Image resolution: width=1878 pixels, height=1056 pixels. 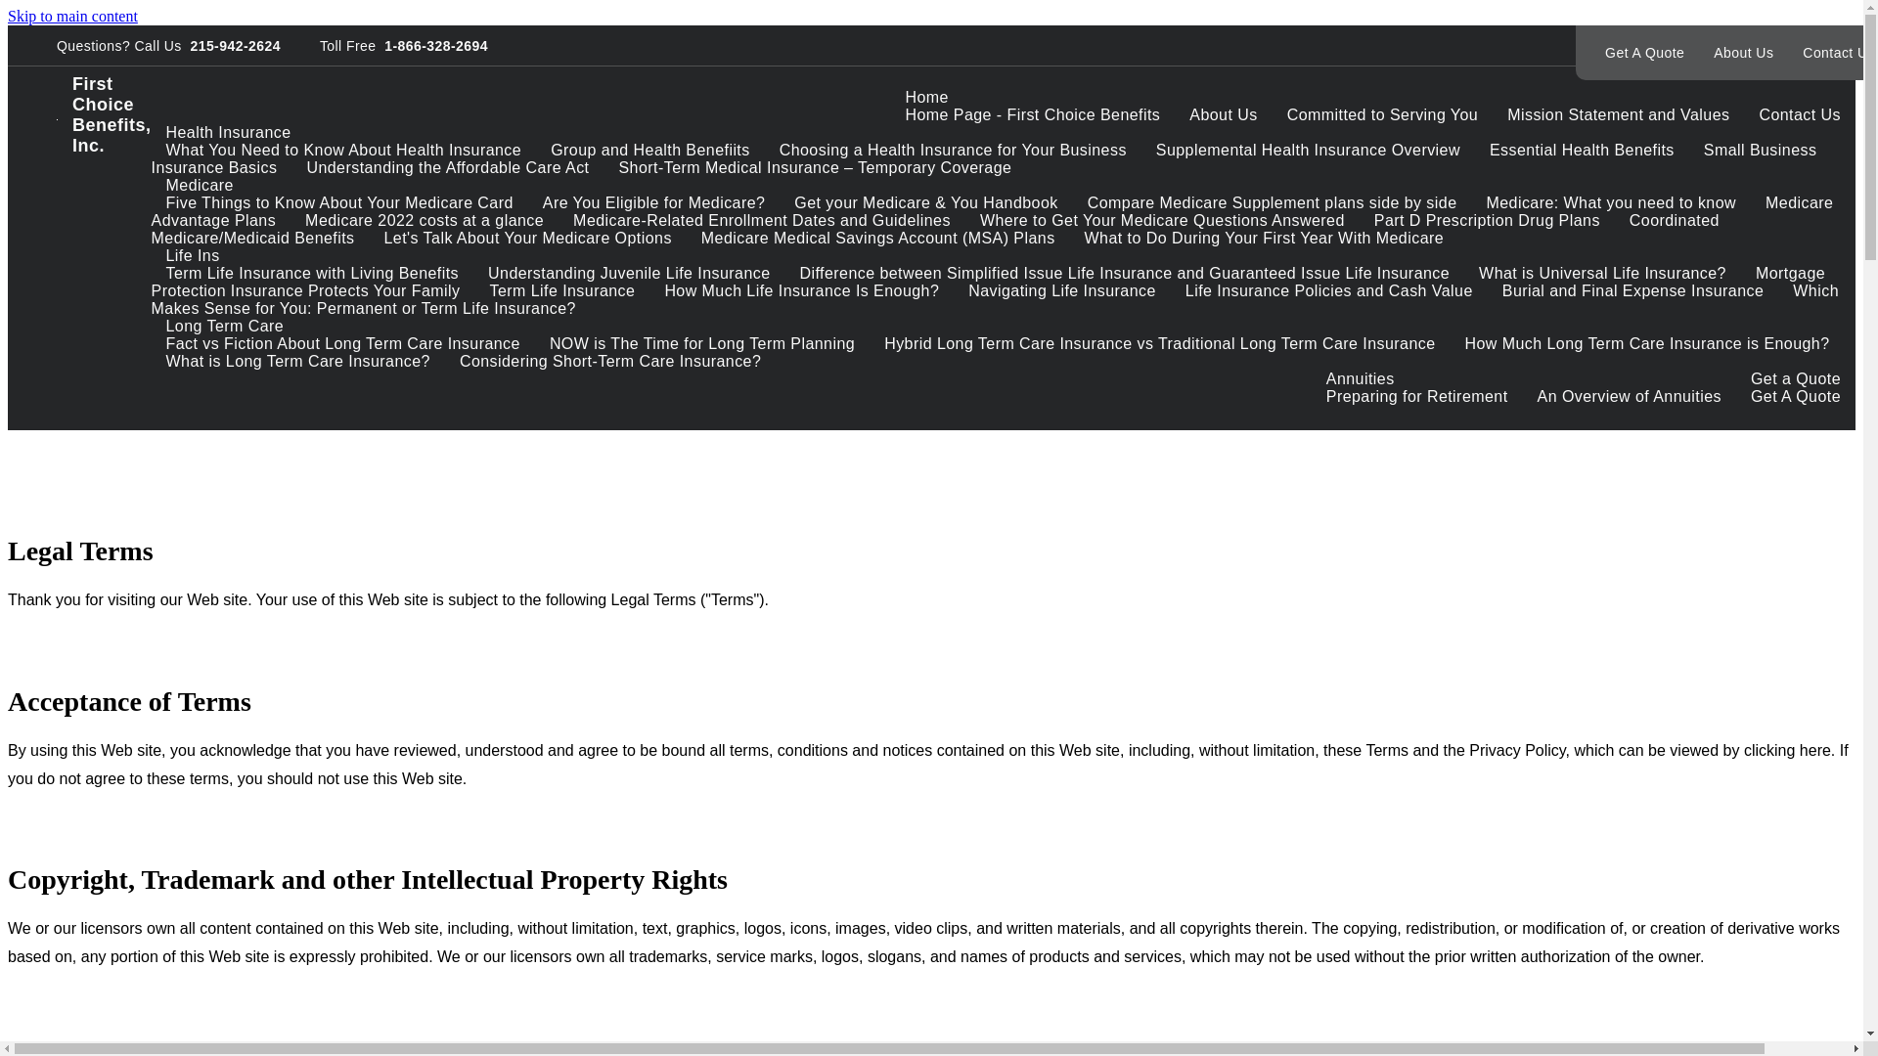 What do you see at coordinates (1487, 220) in the screenshot?
I see `'Part D Prescription Drug Plans'` at bounding box center [1487, 220].